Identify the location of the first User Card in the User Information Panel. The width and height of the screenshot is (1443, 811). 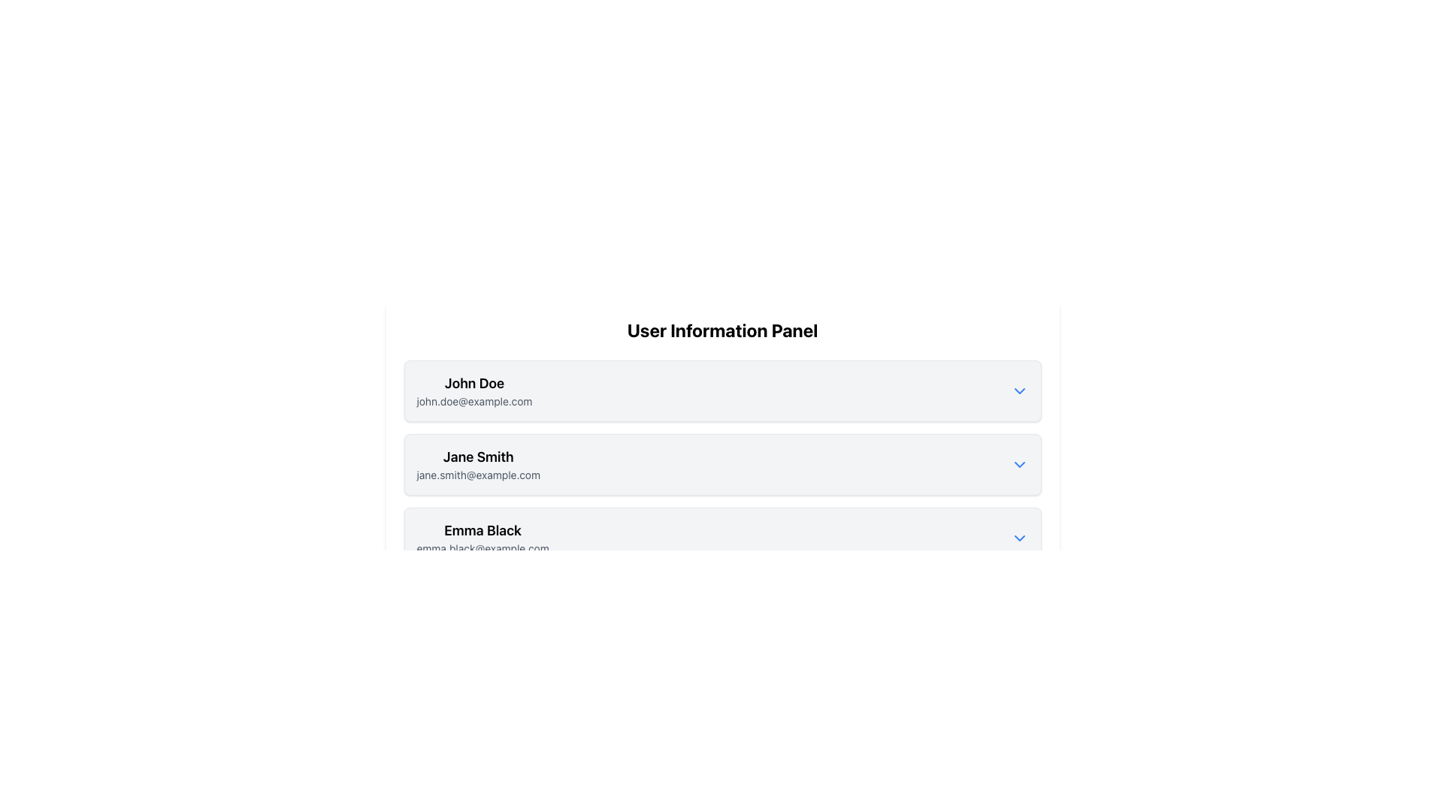
(722, 390).